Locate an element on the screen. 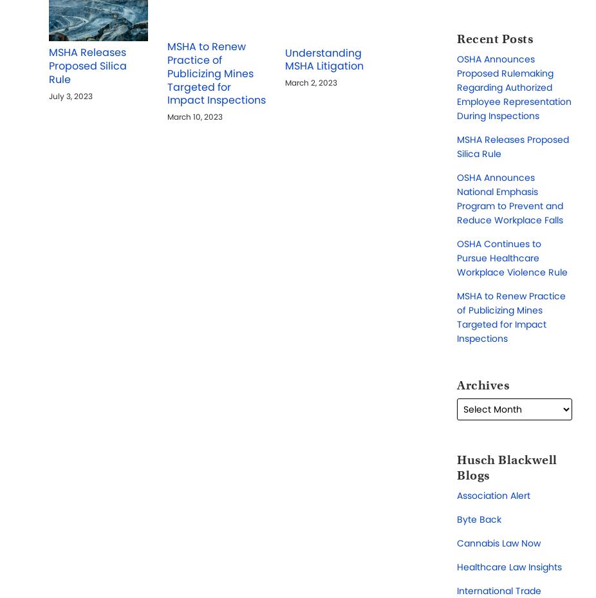 Image resolution: width=596 pixels, height=598 pixels. 'OSHA Announces Proposed Rulemaking Regarding Authorized Employee Representation During Inspections' is located at coordinates (514, 86).